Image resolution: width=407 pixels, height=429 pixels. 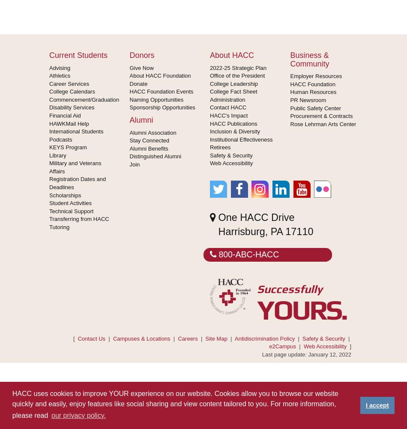 I want to click on 'Student Activities', so click(x=49, y=202).